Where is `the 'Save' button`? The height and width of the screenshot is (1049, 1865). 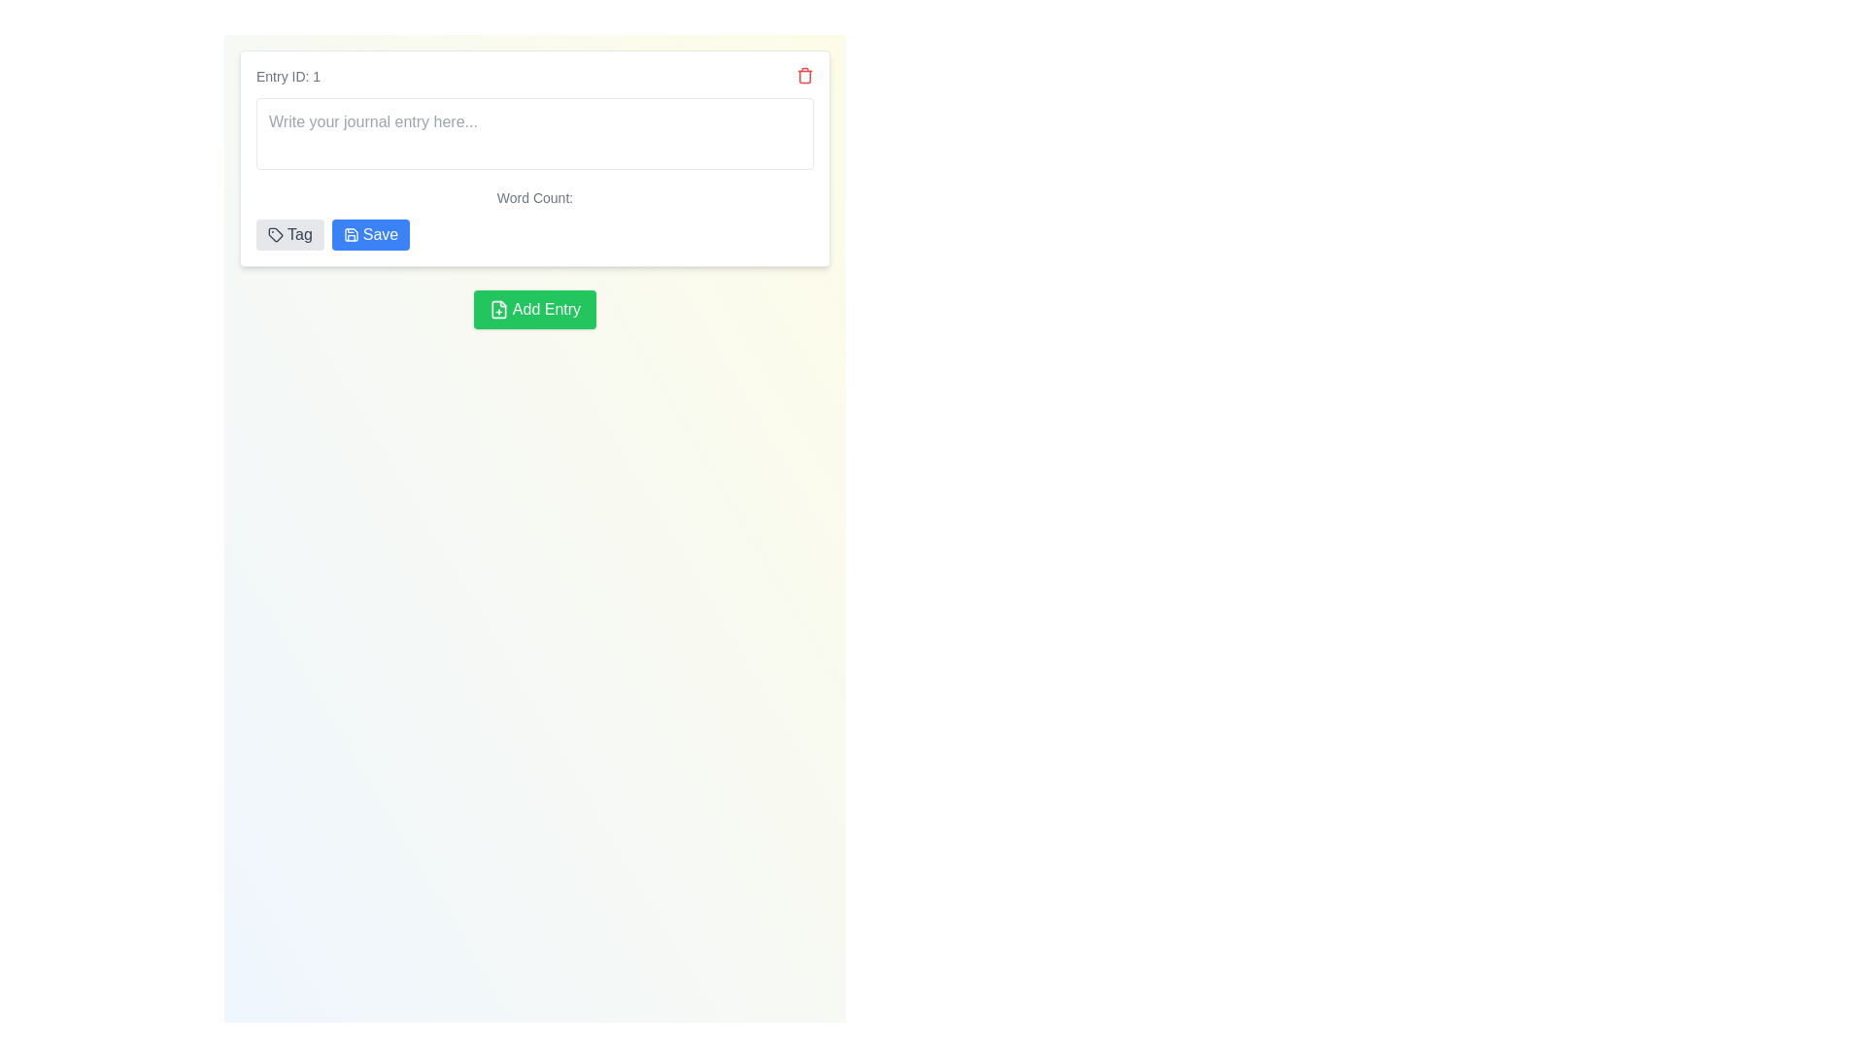 the 'Save' button is located at coordinates (381, 234).